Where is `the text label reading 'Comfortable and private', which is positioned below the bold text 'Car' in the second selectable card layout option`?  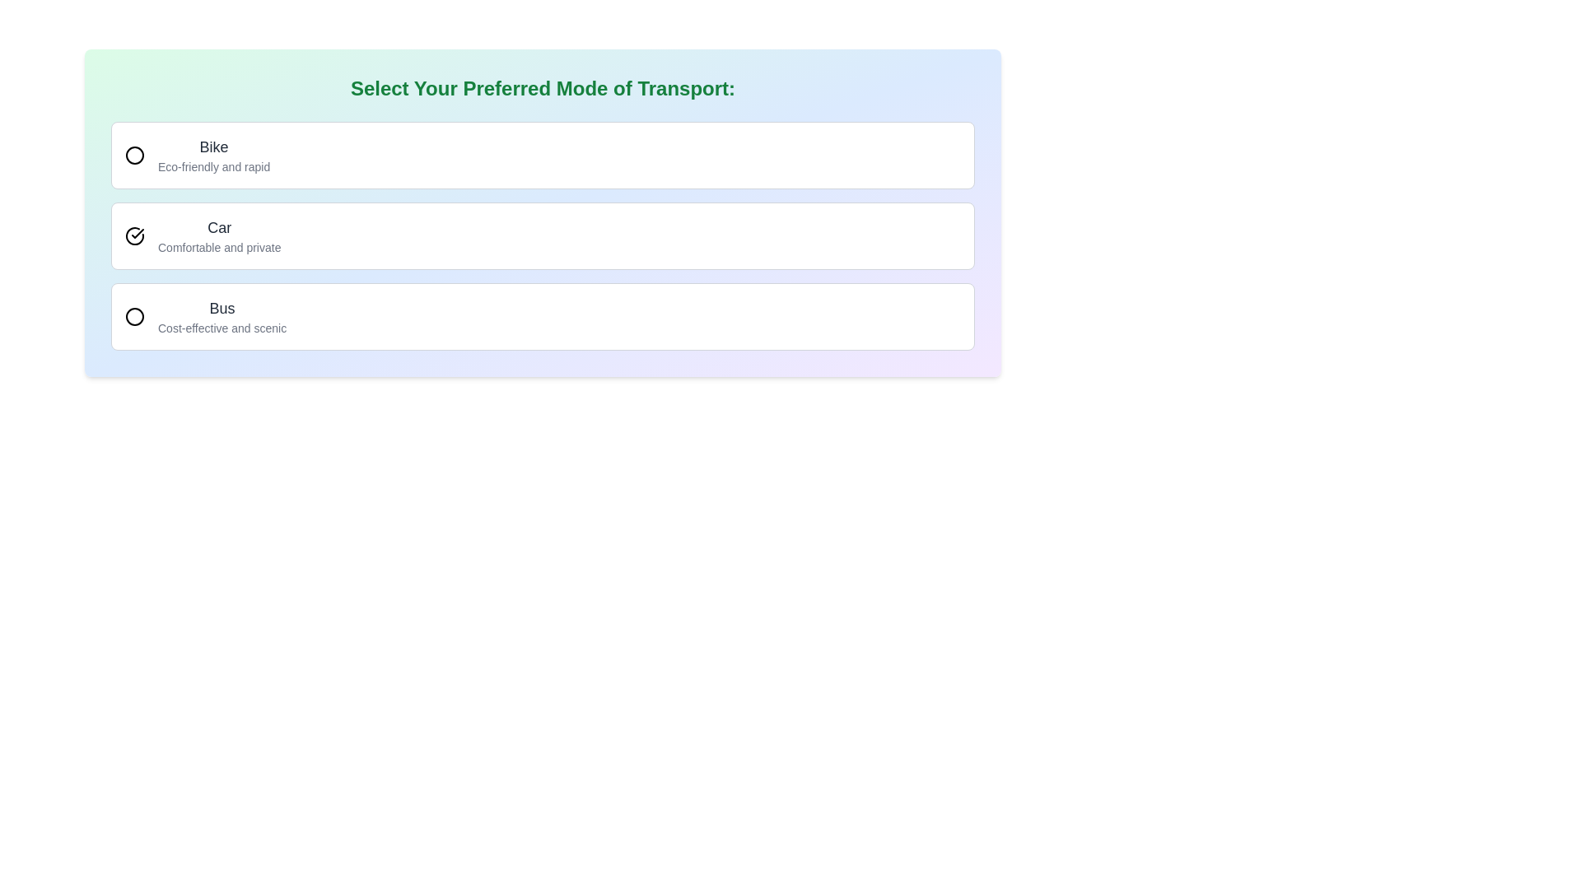 the text label reading 'Comfortable and private', which is positioned below the bold text 'Car' in the second selectable card layout option is located at coordinates (218, 247).